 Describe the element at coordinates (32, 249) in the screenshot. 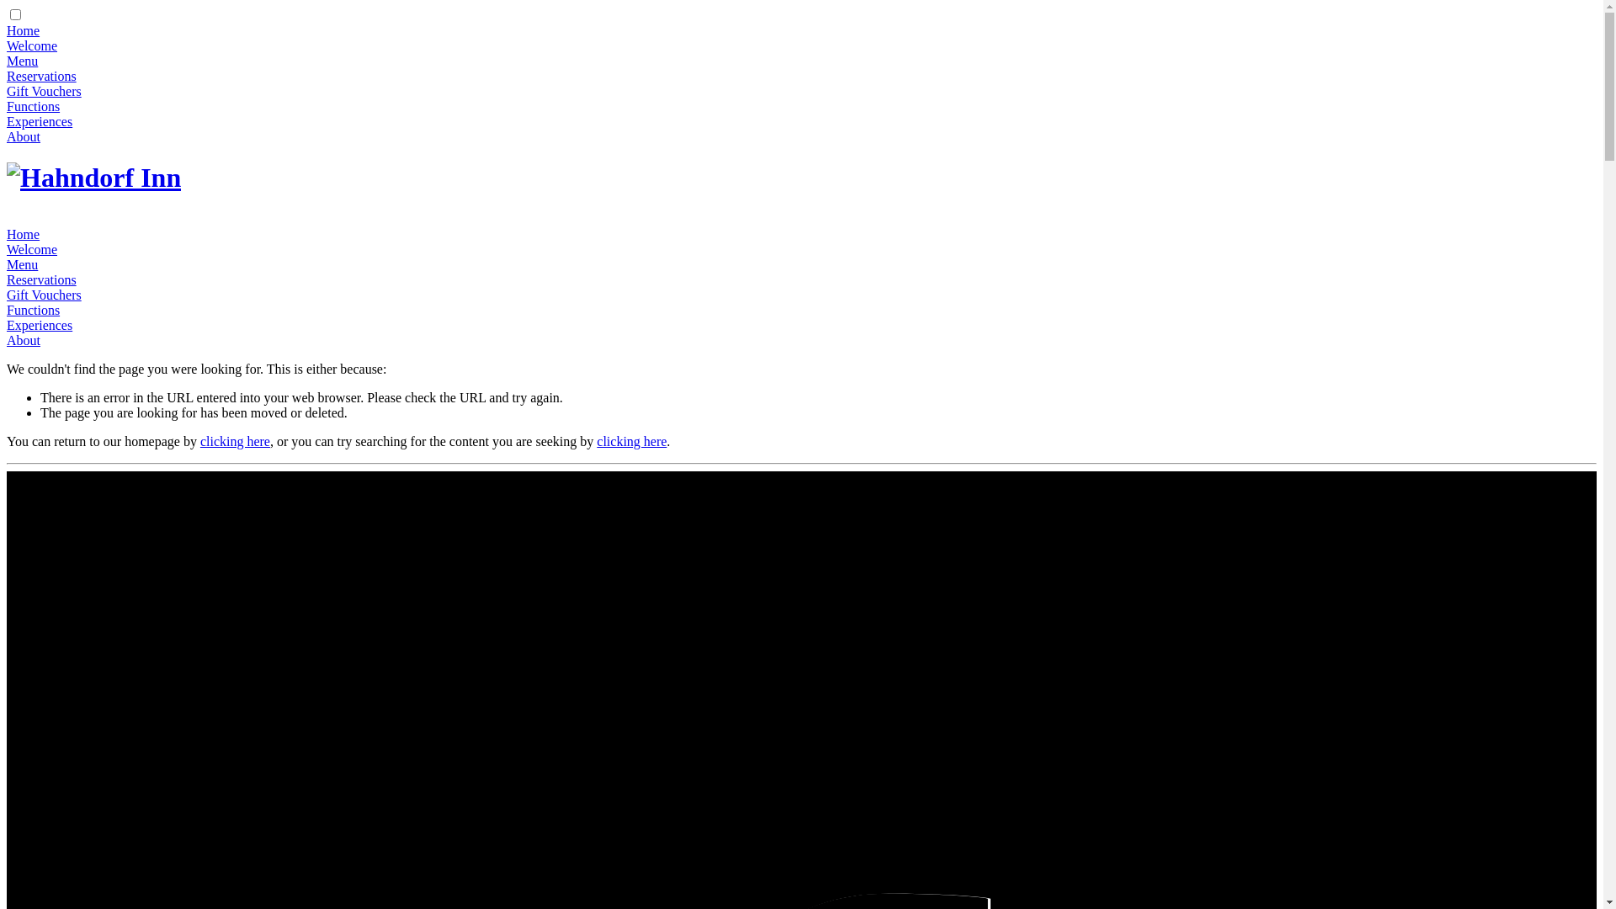

I see `'Welcome'` at that location.